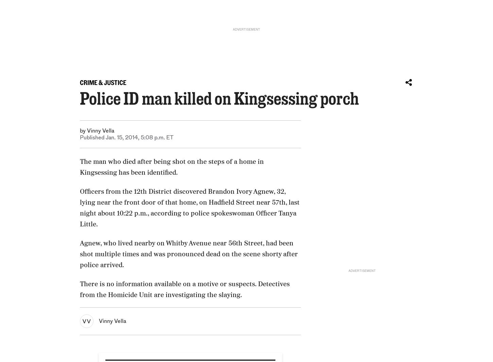 The image size is (493, 362). What do you see at coordinates (112, 279) in the screenshot?
I see `'Philly Police are investigating a bungled 911 response the day before the Kingsessing mass shooting'` at bounding box center [112, 279].